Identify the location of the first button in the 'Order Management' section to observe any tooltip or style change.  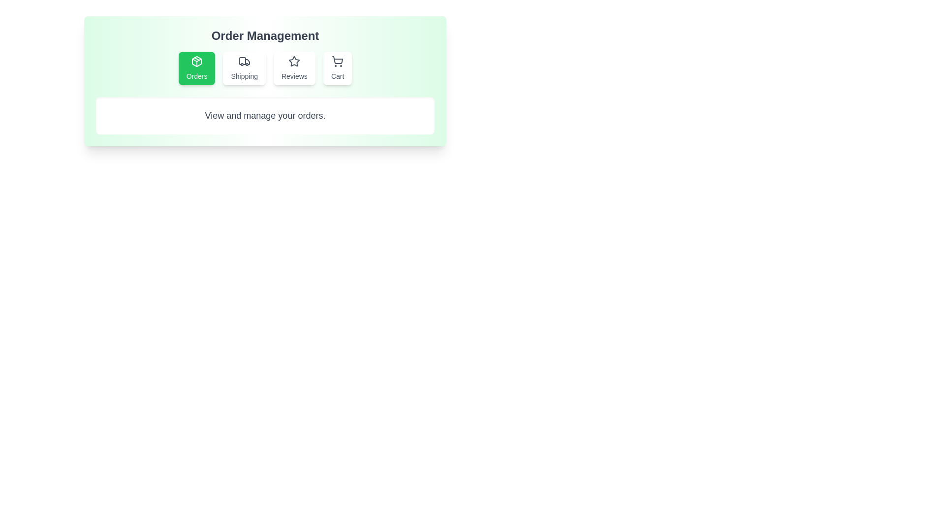
(197, 67).